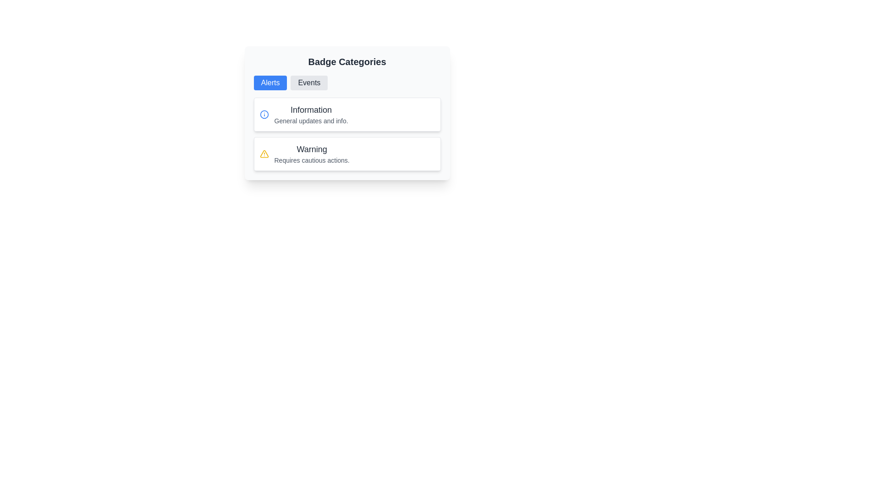 This screenshot has width=880, height=495. What do you see at coordinates (312, 153) in the screenshot?
I see `the warning message text label located in the second card under 'Badge Categories', which displays a warning message next to a yellow warning triangle icon` at bounding box center [312, 153].